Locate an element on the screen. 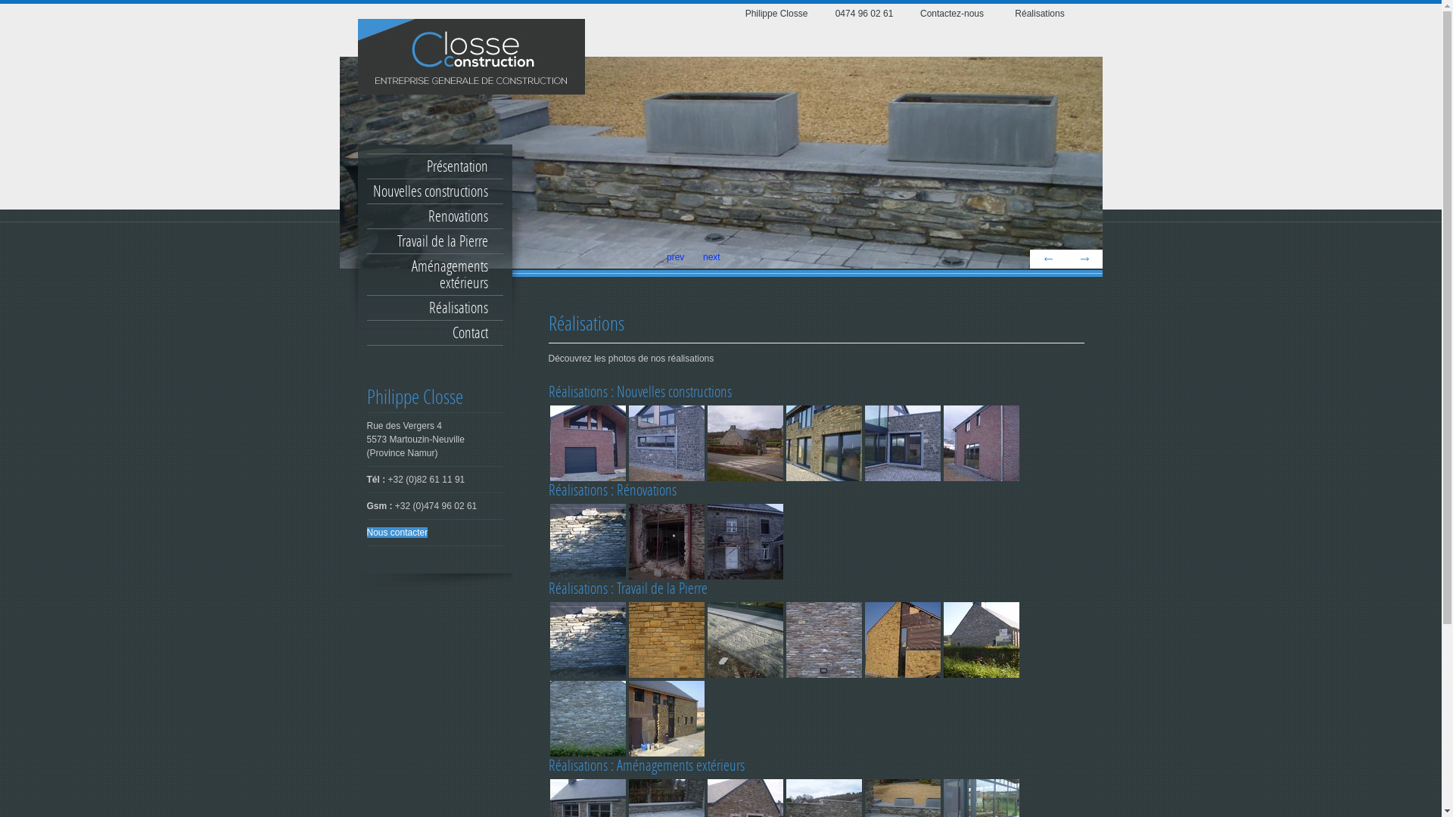  'OLYMPUS DIGITAL CAMERA         ' is located at coordinates (823, 443).